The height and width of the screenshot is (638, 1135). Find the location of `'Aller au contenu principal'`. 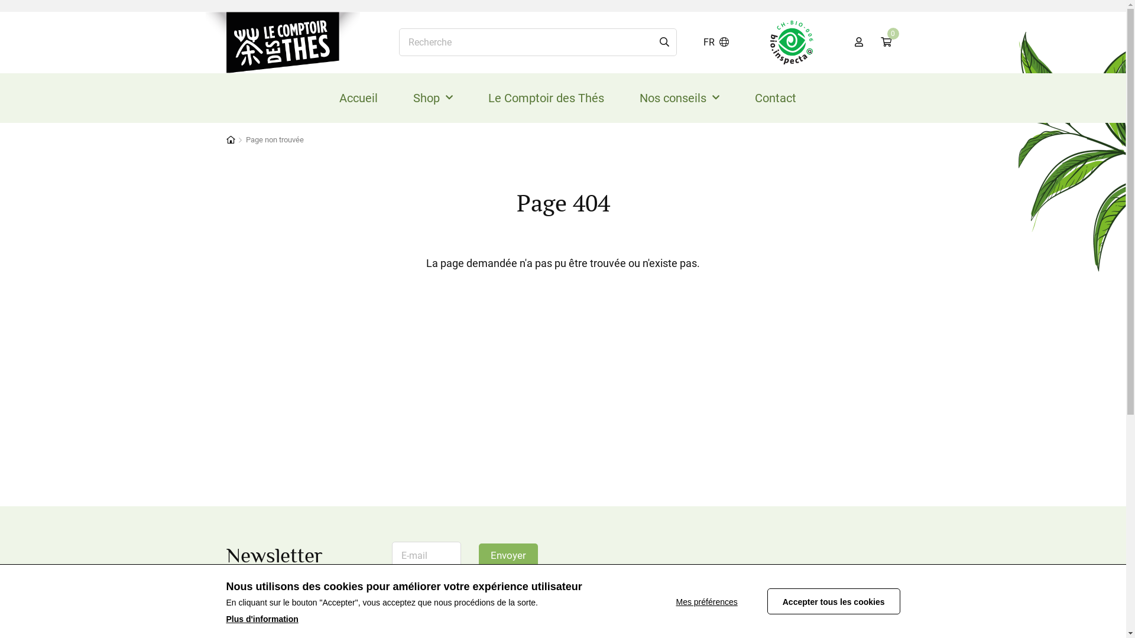

'Aller au contenu principal' is located at coordinates (0, 0).